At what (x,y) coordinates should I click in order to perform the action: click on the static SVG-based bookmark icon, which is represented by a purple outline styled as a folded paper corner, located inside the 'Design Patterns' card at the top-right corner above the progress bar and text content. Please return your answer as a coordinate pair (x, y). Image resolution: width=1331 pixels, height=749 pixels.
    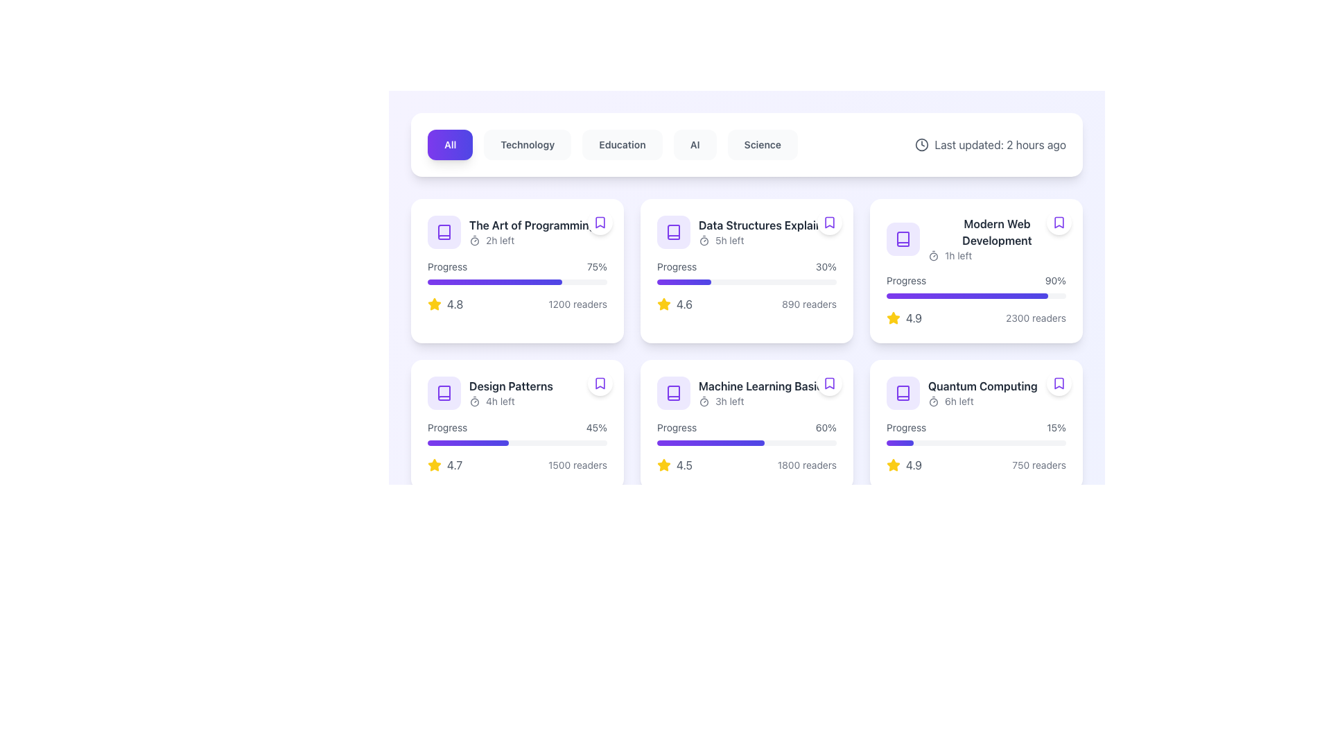
    Looking at the image, I should click on (600, 383).